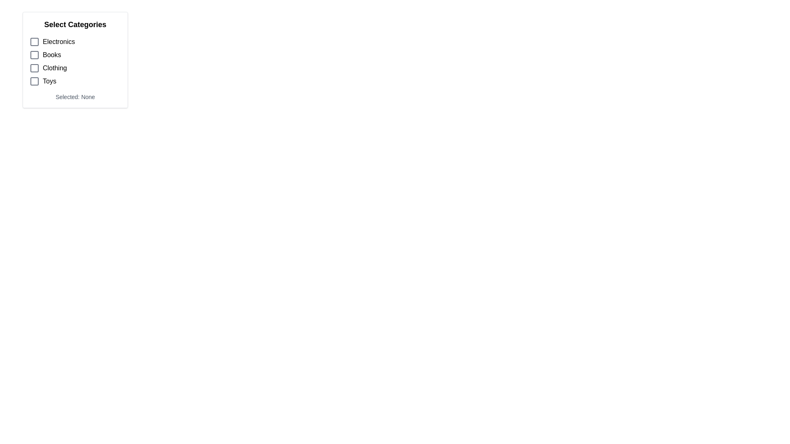 This screenshot has width=790, height=444. I want to click on the 'Toys' text label to trigger any potential tooltip or highlight. This label is located in the fourth row of options, to the right of a checkbox icon, so click(49, 81).